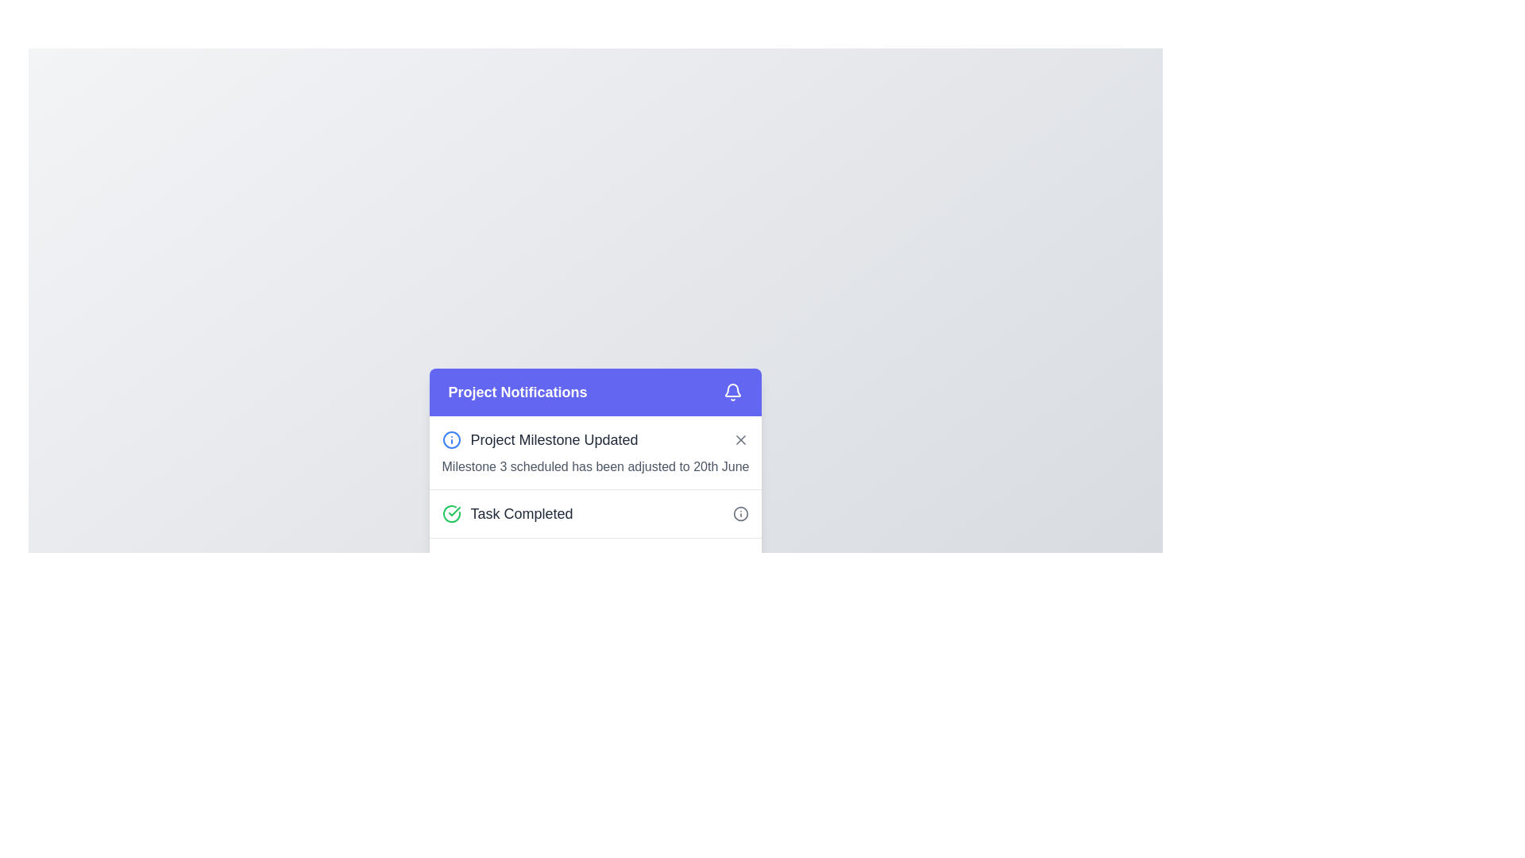 The image size is (1525, 858). What do you see at coordinates (540, 440) in the screenshot?
I see `the text label 'Project Milestone Updated' next to the blue information icon in the notification list` at bounding box center [540, 440].